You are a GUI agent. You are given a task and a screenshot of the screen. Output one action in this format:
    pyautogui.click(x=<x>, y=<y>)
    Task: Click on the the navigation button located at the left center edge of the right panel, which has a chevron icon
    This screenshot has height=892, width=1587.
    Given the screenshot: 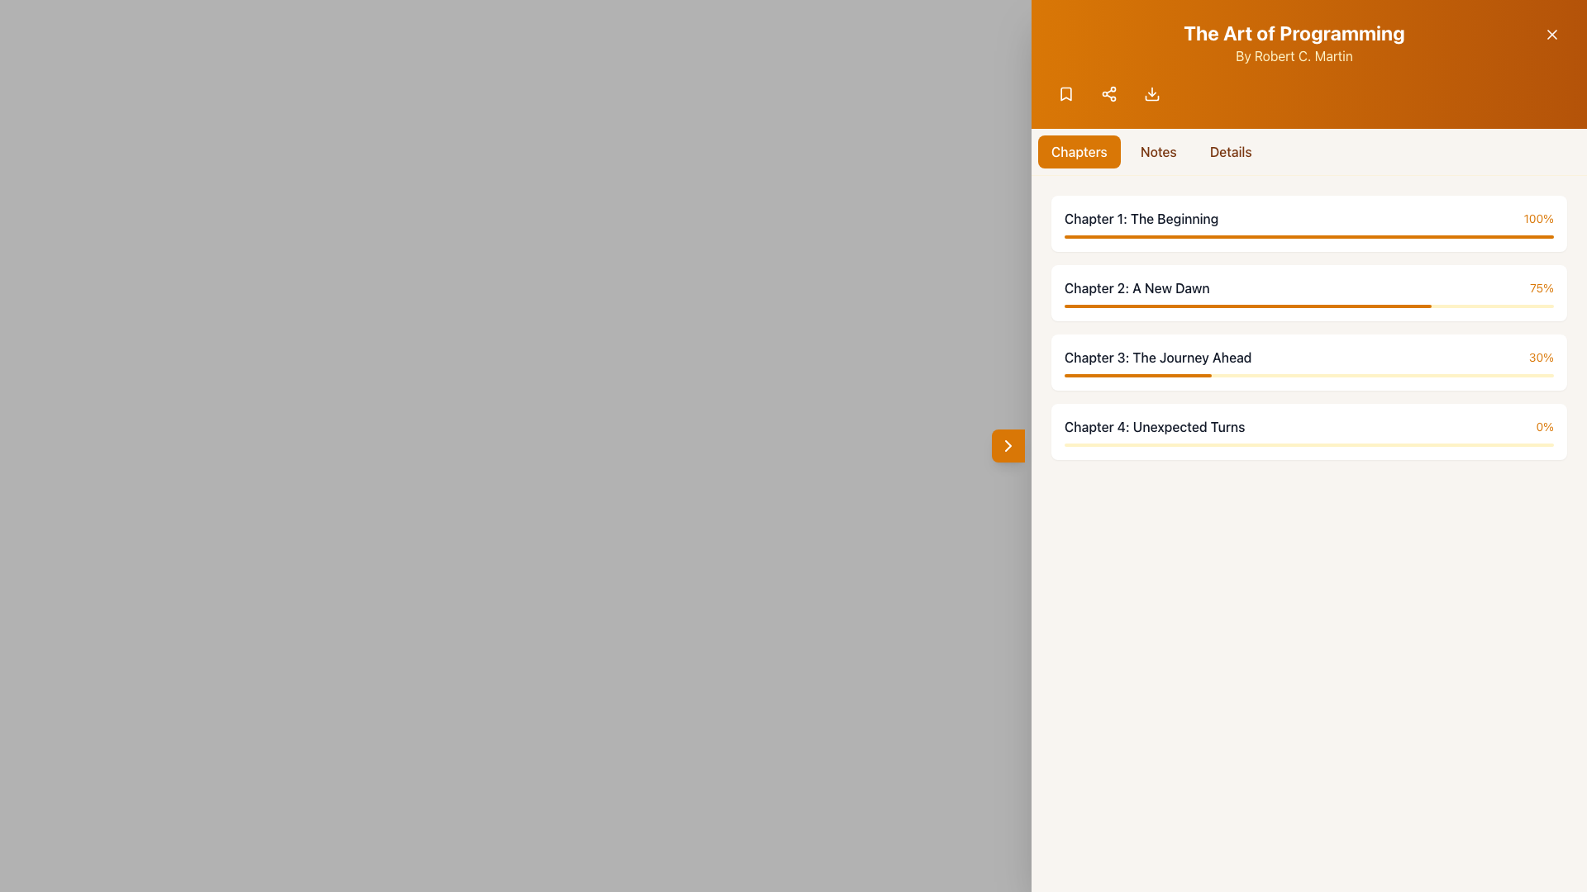 What is the action you would take?
    pyautogui.click(x=1007, y=446)
    